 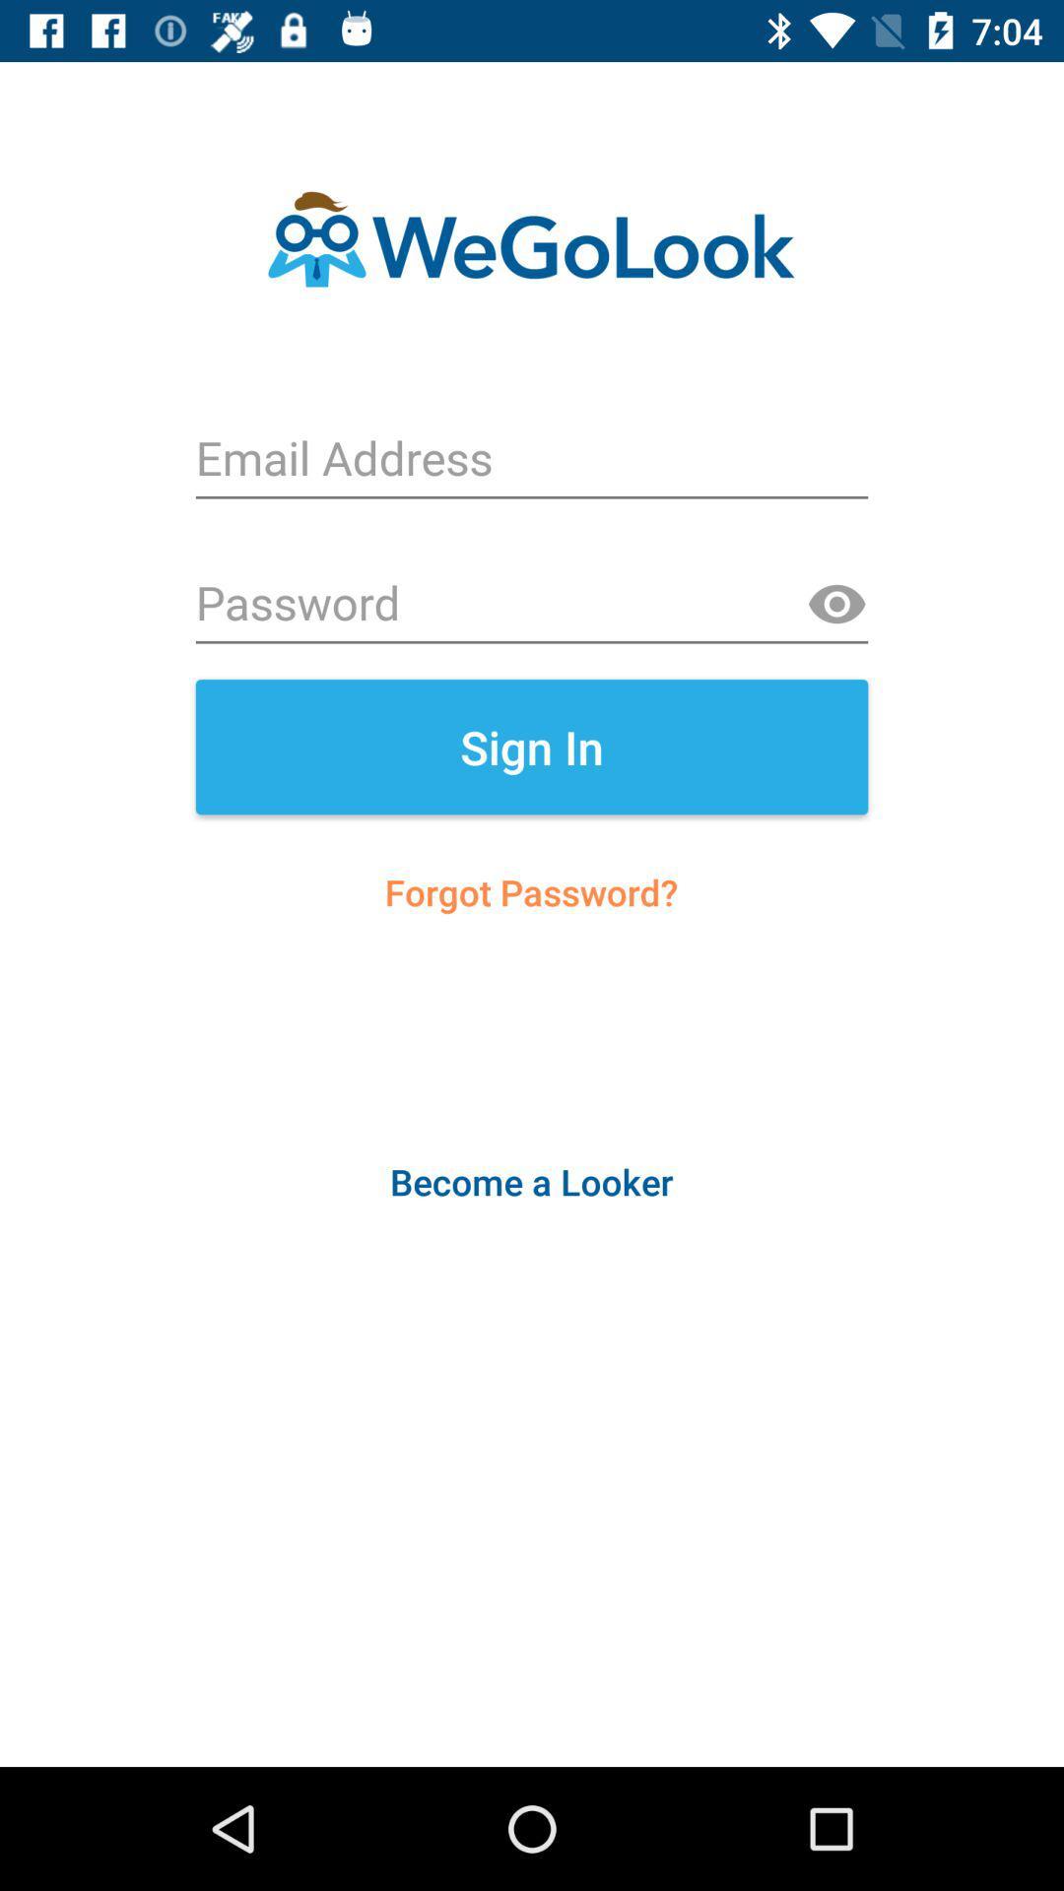 I want to click on the icon above forgot password? item, so click(x=532, y=746).